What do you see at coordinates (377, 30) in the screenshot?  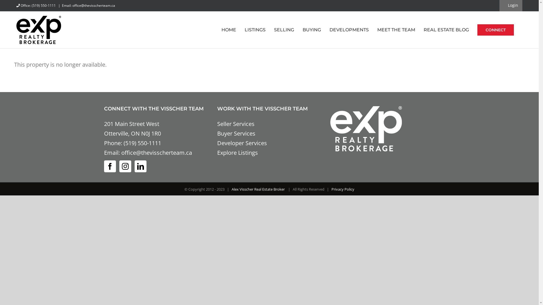 I see `'MEET THE TEAM'` at bounding box center [377, 30].